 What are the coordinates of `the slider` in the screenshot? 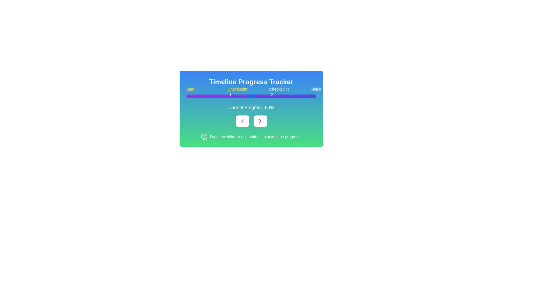 It's located at (313, 96).